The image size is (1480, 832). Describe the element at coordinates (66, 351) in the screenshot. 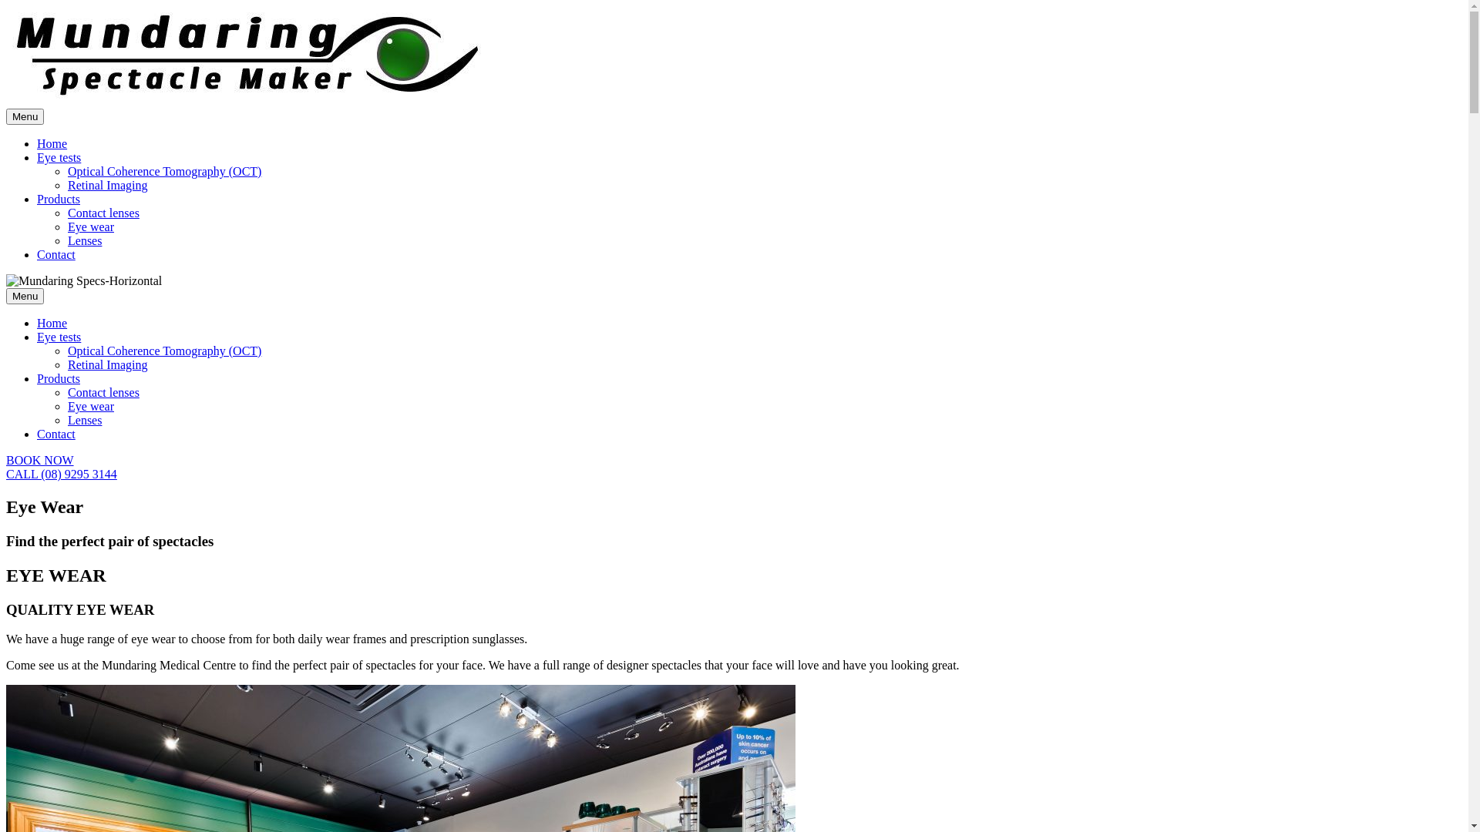

I see `'Optical Coherence Tomography (OCT)'` at that location.